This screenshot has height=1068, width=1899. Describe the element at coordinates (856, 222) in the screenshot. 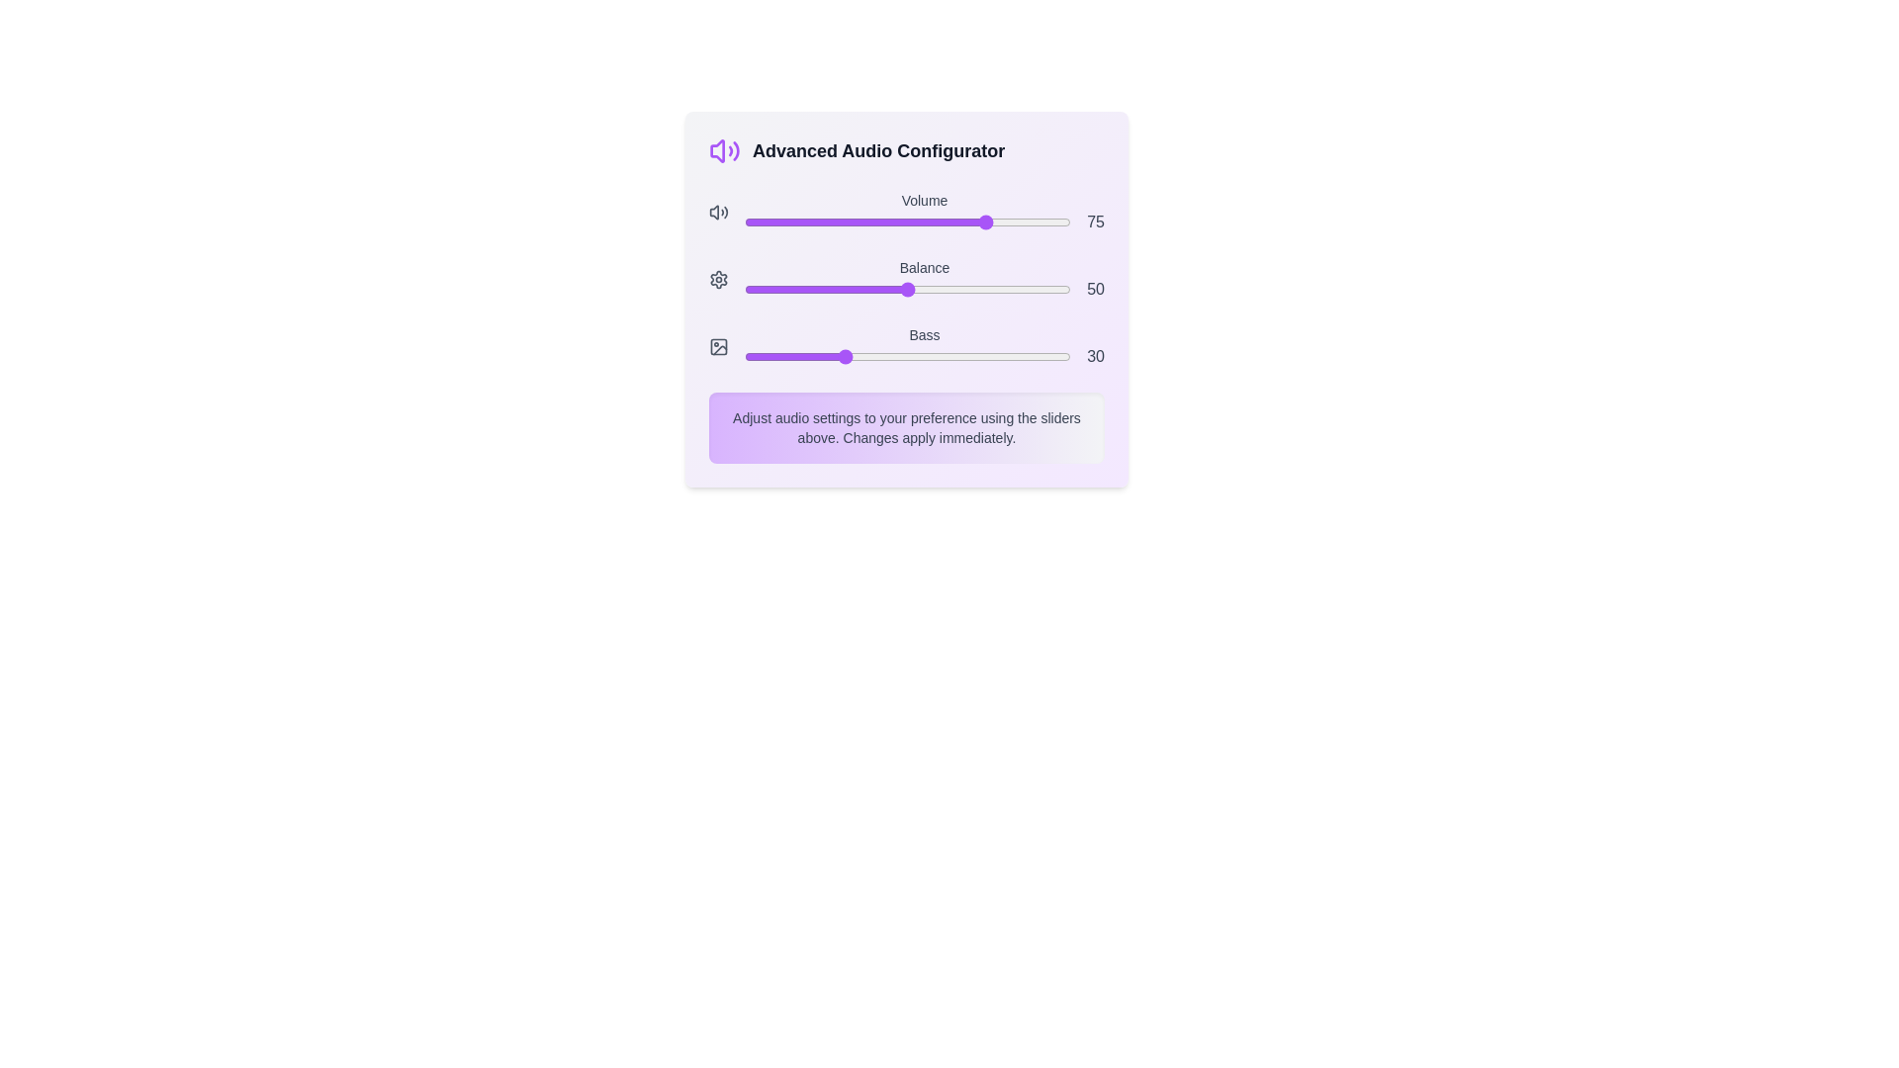

I see `the volume slider to set the volume to 34%` at that location.